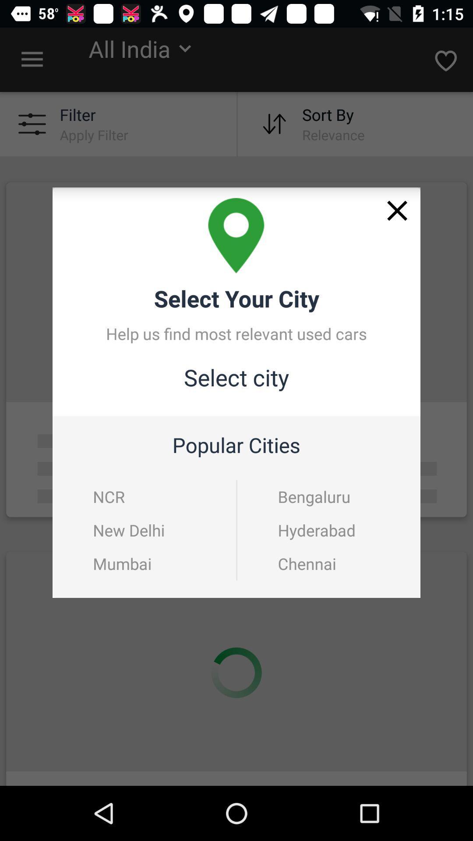  I want to click on the mumbai icon, so click(122, 563).